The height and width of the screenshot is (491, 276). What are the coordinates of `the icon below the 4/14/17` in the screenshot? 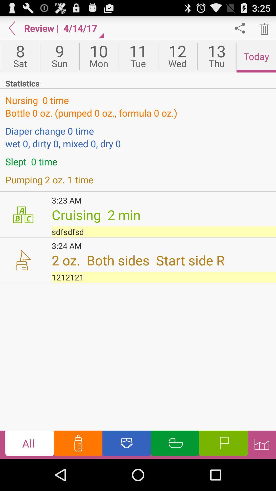 It's located at (99, 56).